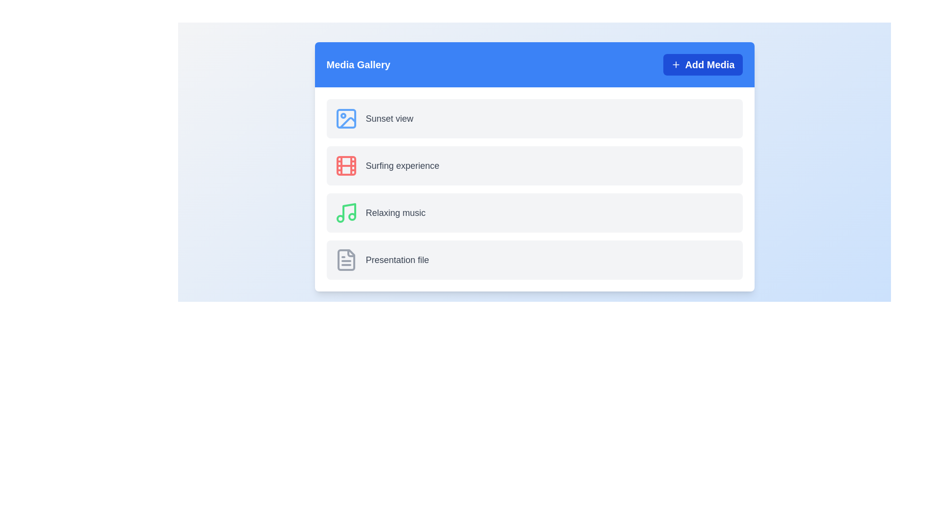  I want to click on the plus icon located within the 'Add Media' button at the top-right corner of the interface, so click(676, 64).